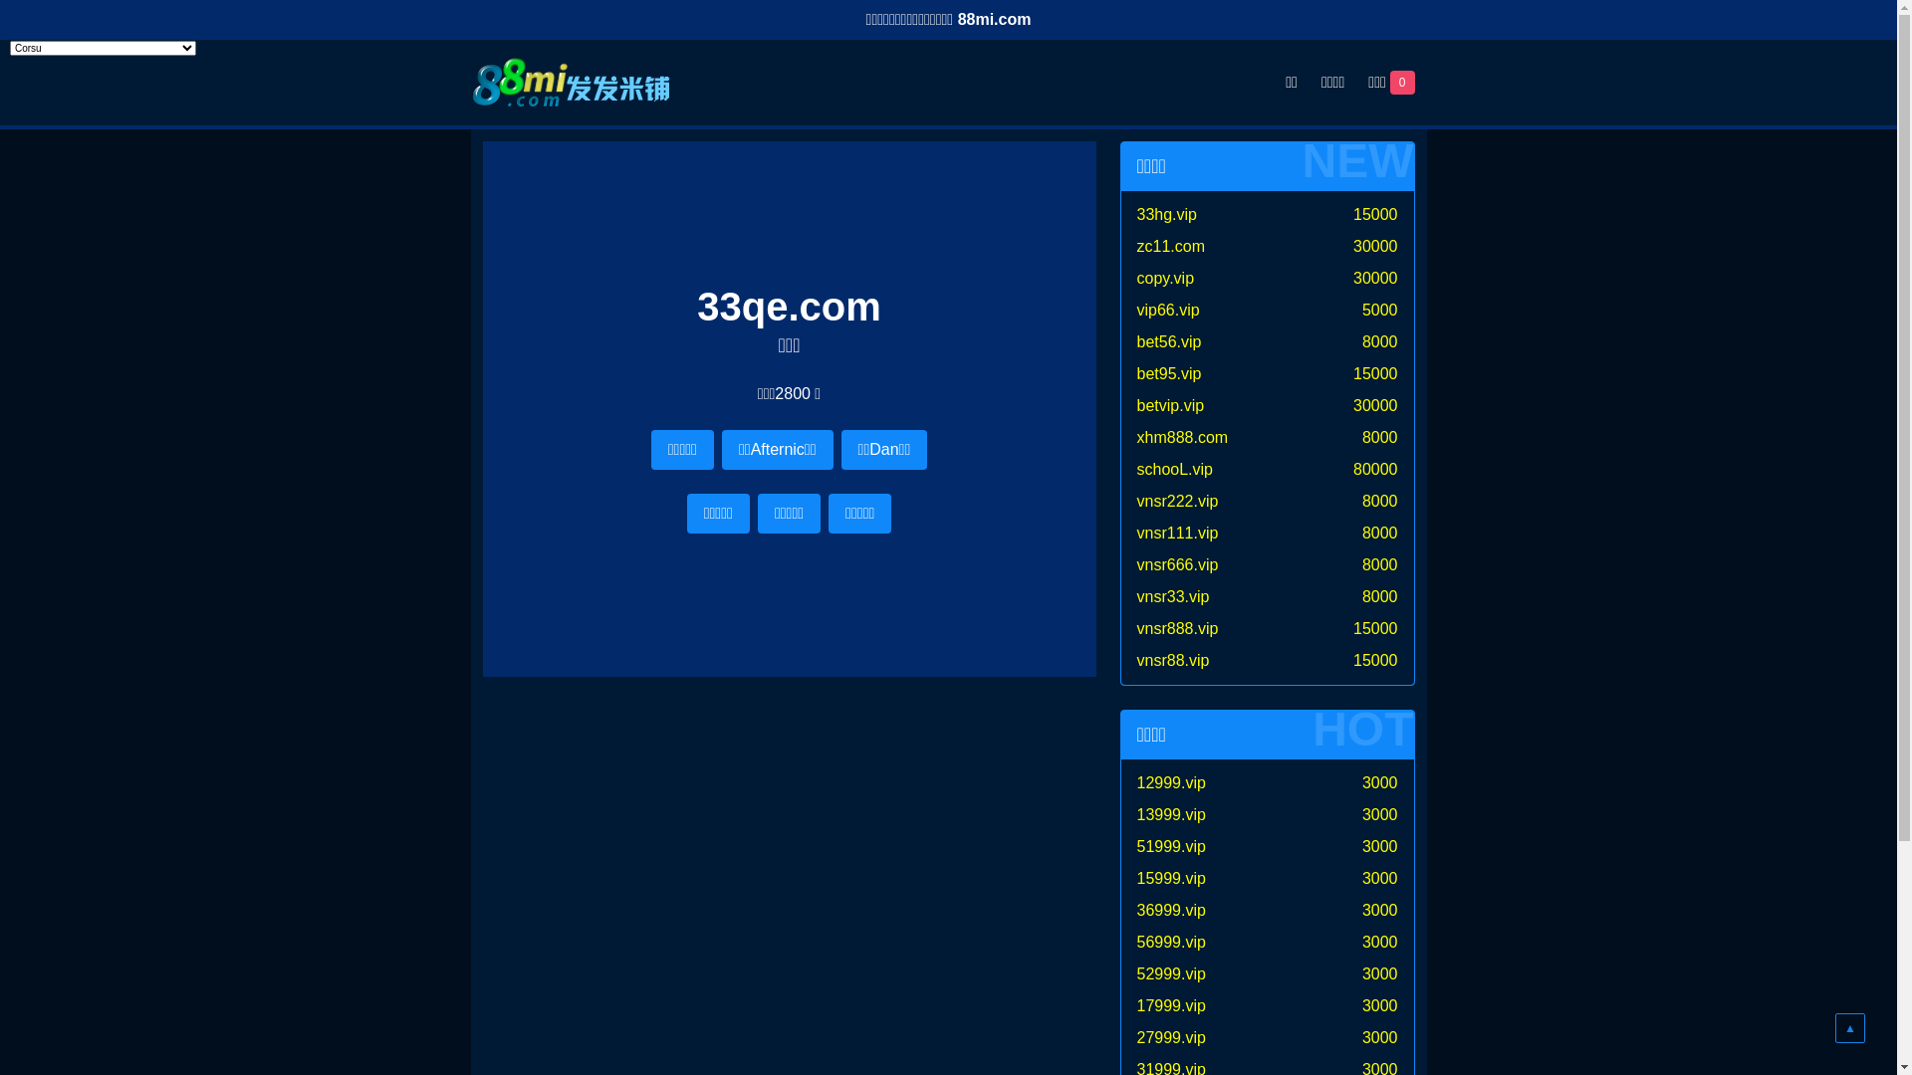 The width and height of the screenshot is (1912, 1075). Describe the element at coordinates (1171, 1036) in the screenshot. I see `'27999.vip'` at that location.